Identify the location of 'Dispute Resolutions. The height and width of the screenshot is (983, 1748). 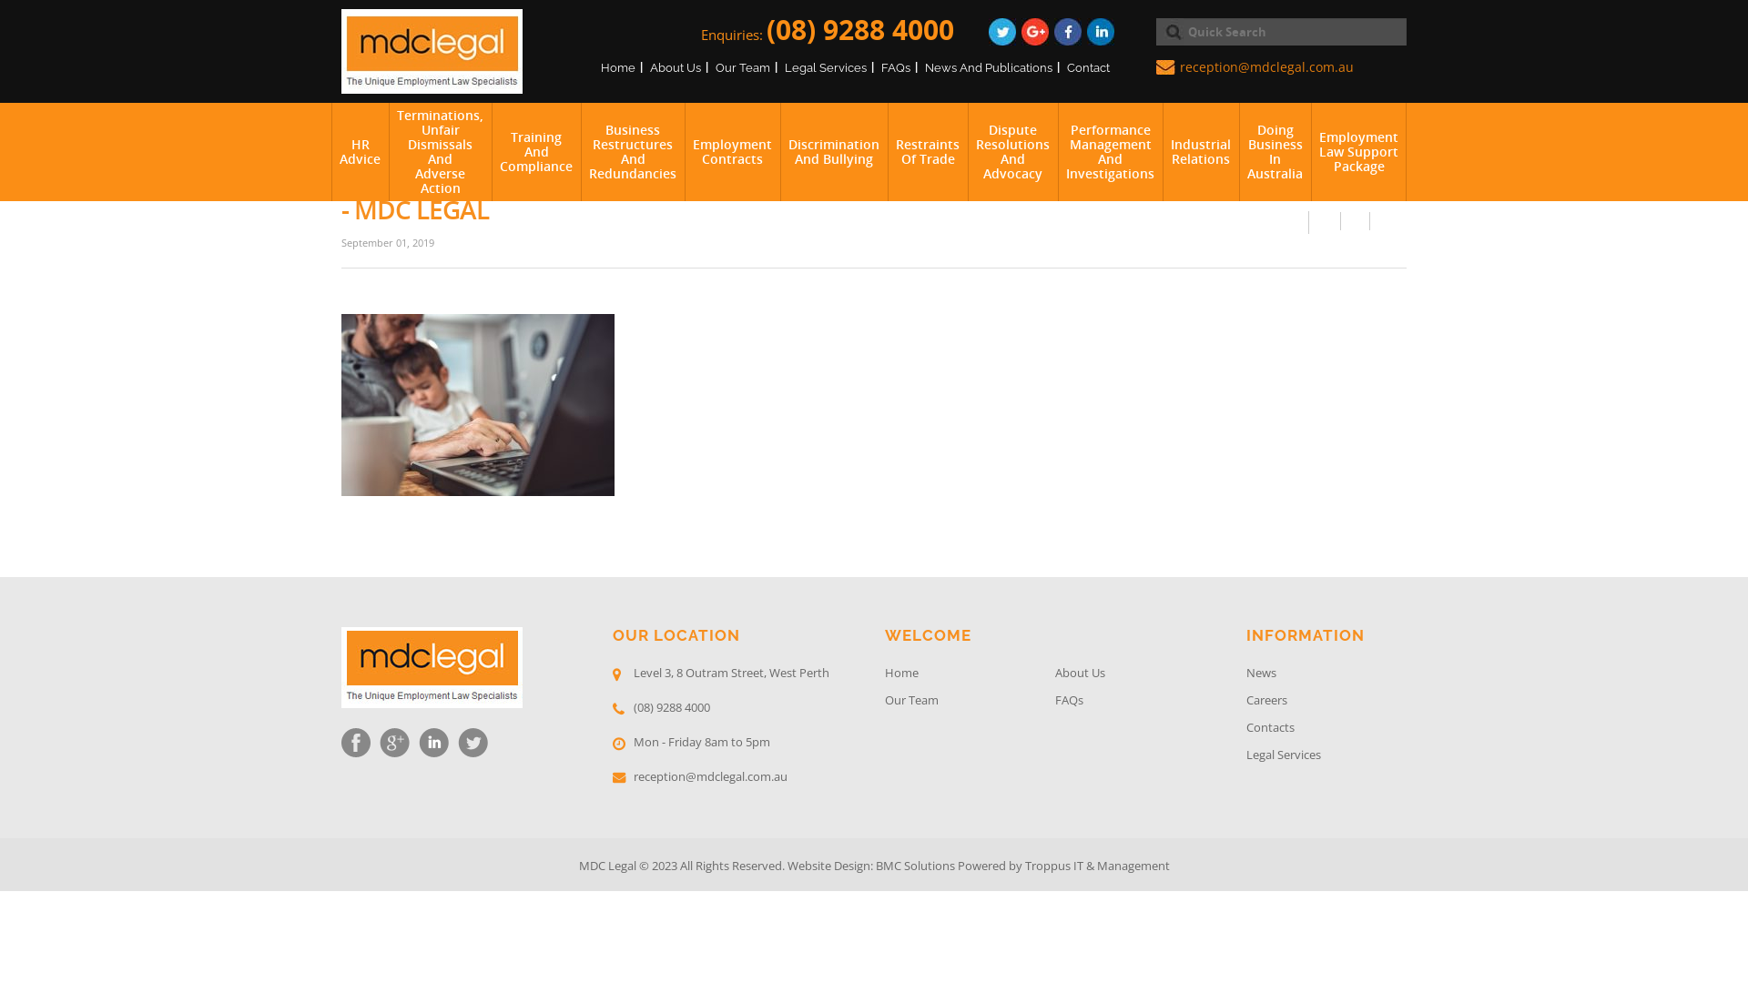
(1011, 150).